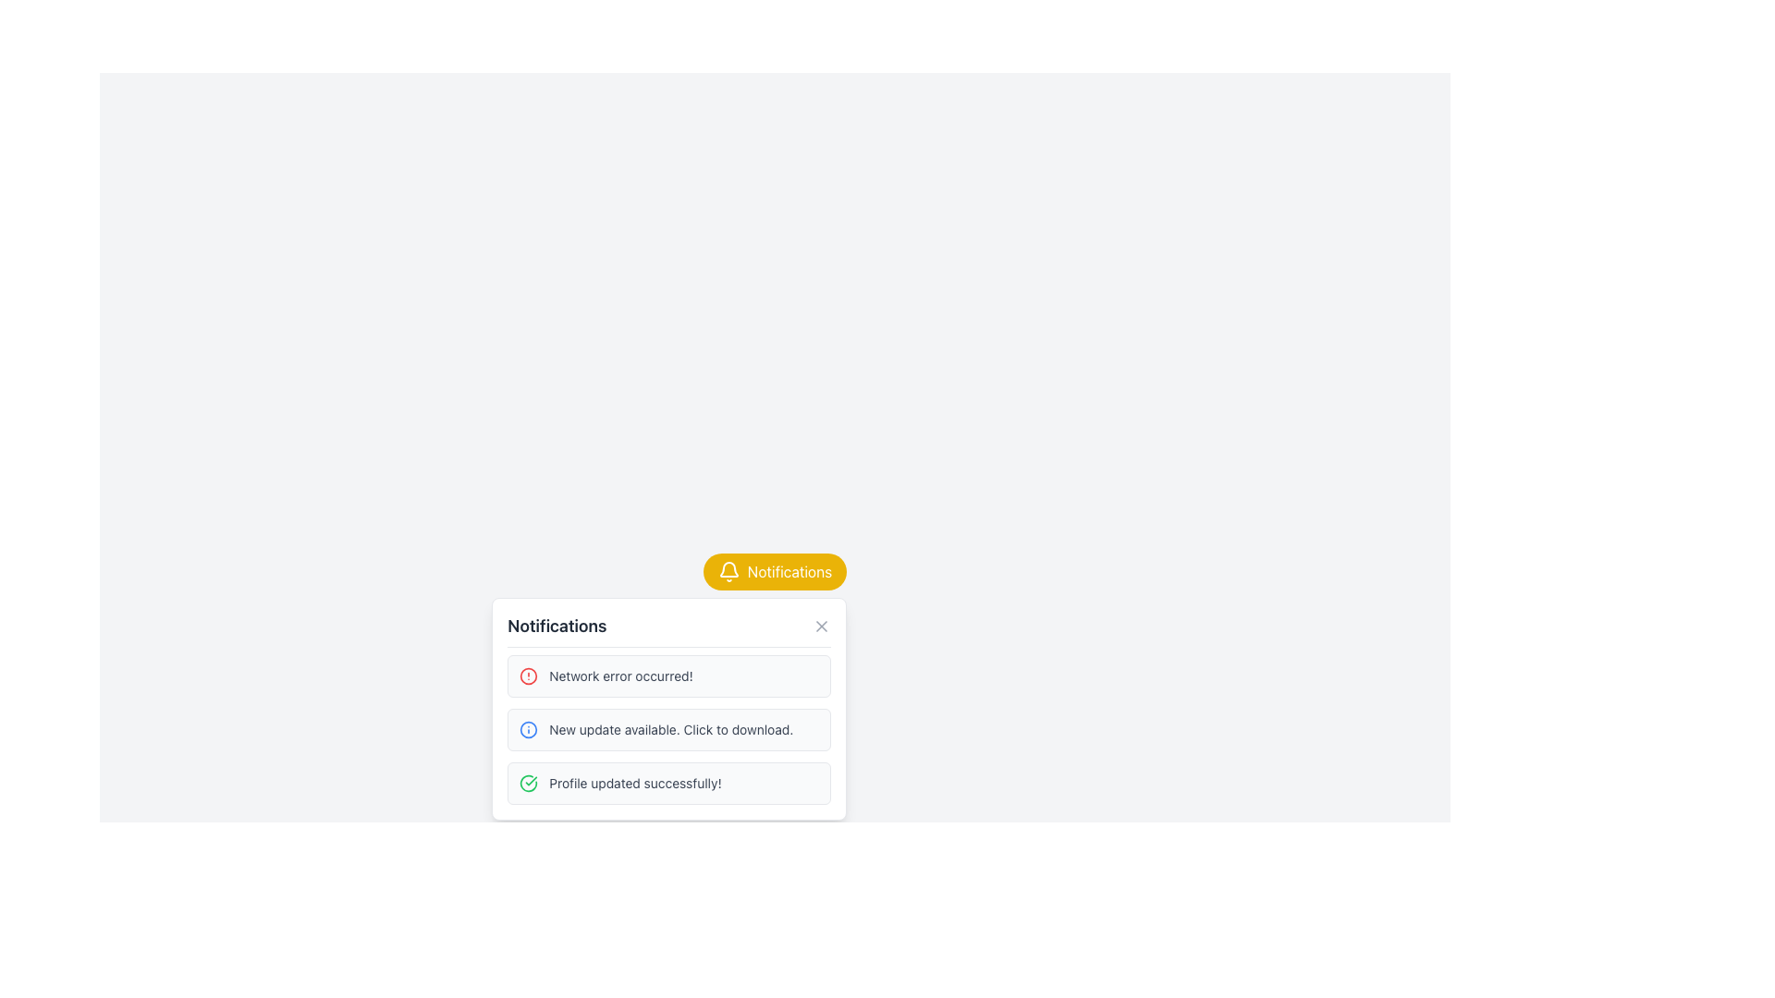  Describe the element at coordinates (820, 626) in the screenshot. I see `the close button (X symbol) located on the far right side of the notifications panel header` at that location.